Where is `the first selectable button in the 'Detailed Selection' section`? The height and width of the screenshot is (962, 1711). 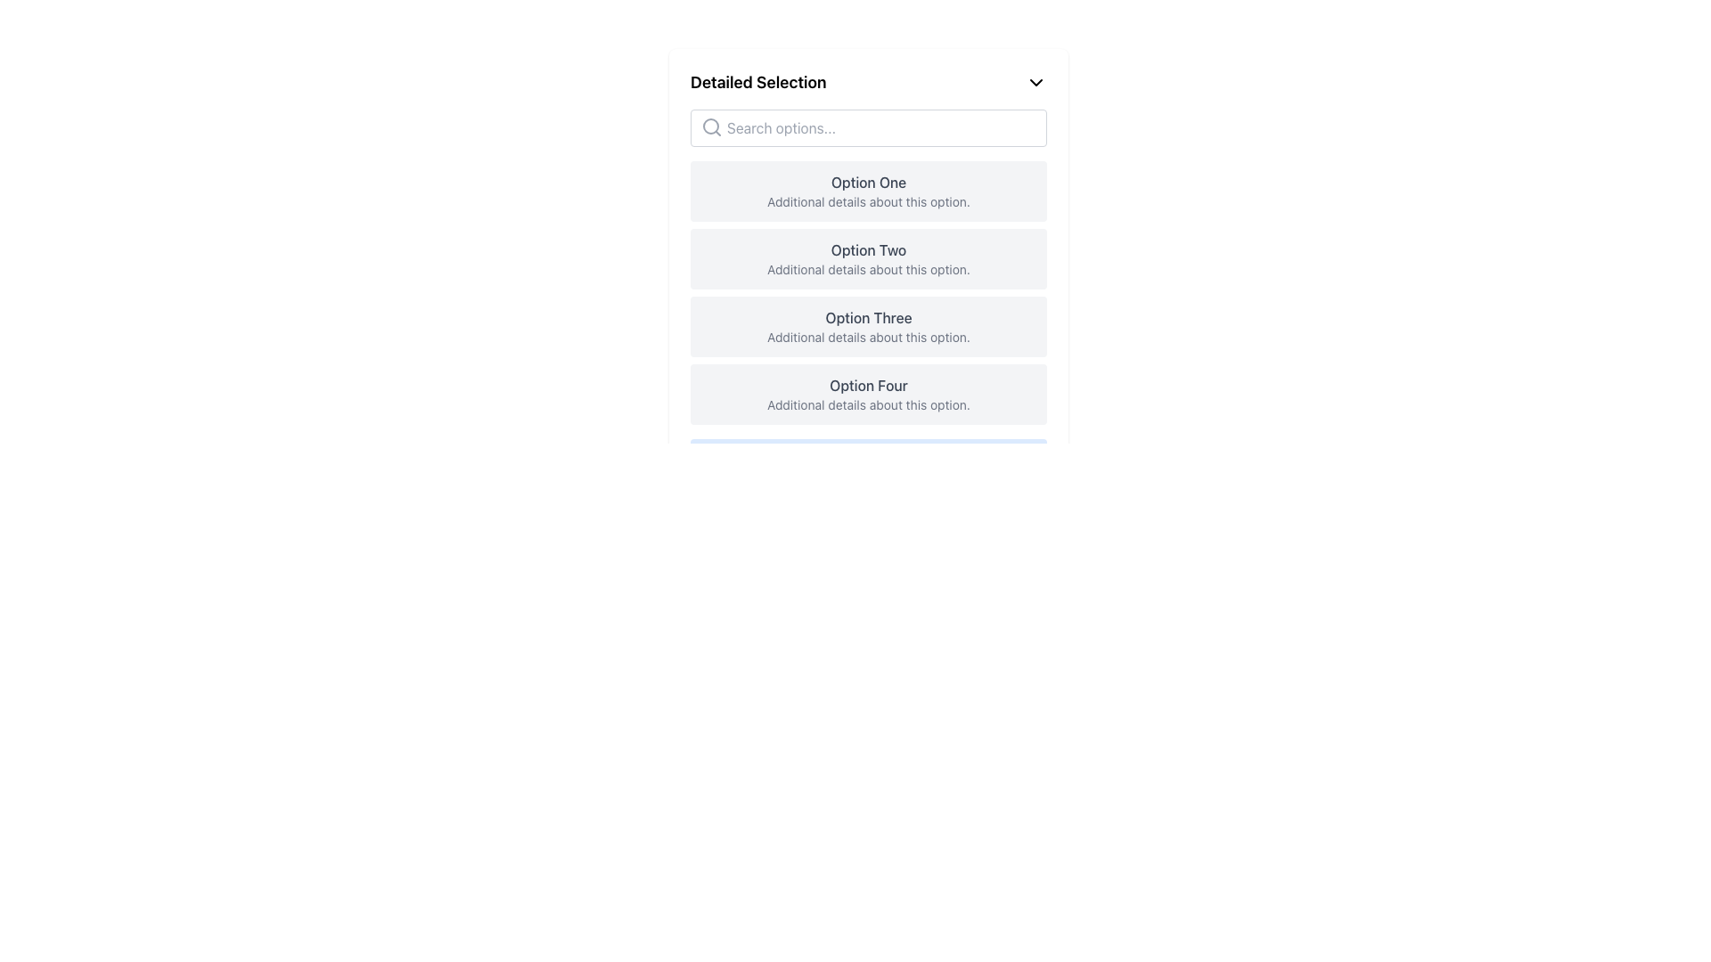 the first selectable button in the 'Detailed Selection' section is located at coordinates (868, 192).